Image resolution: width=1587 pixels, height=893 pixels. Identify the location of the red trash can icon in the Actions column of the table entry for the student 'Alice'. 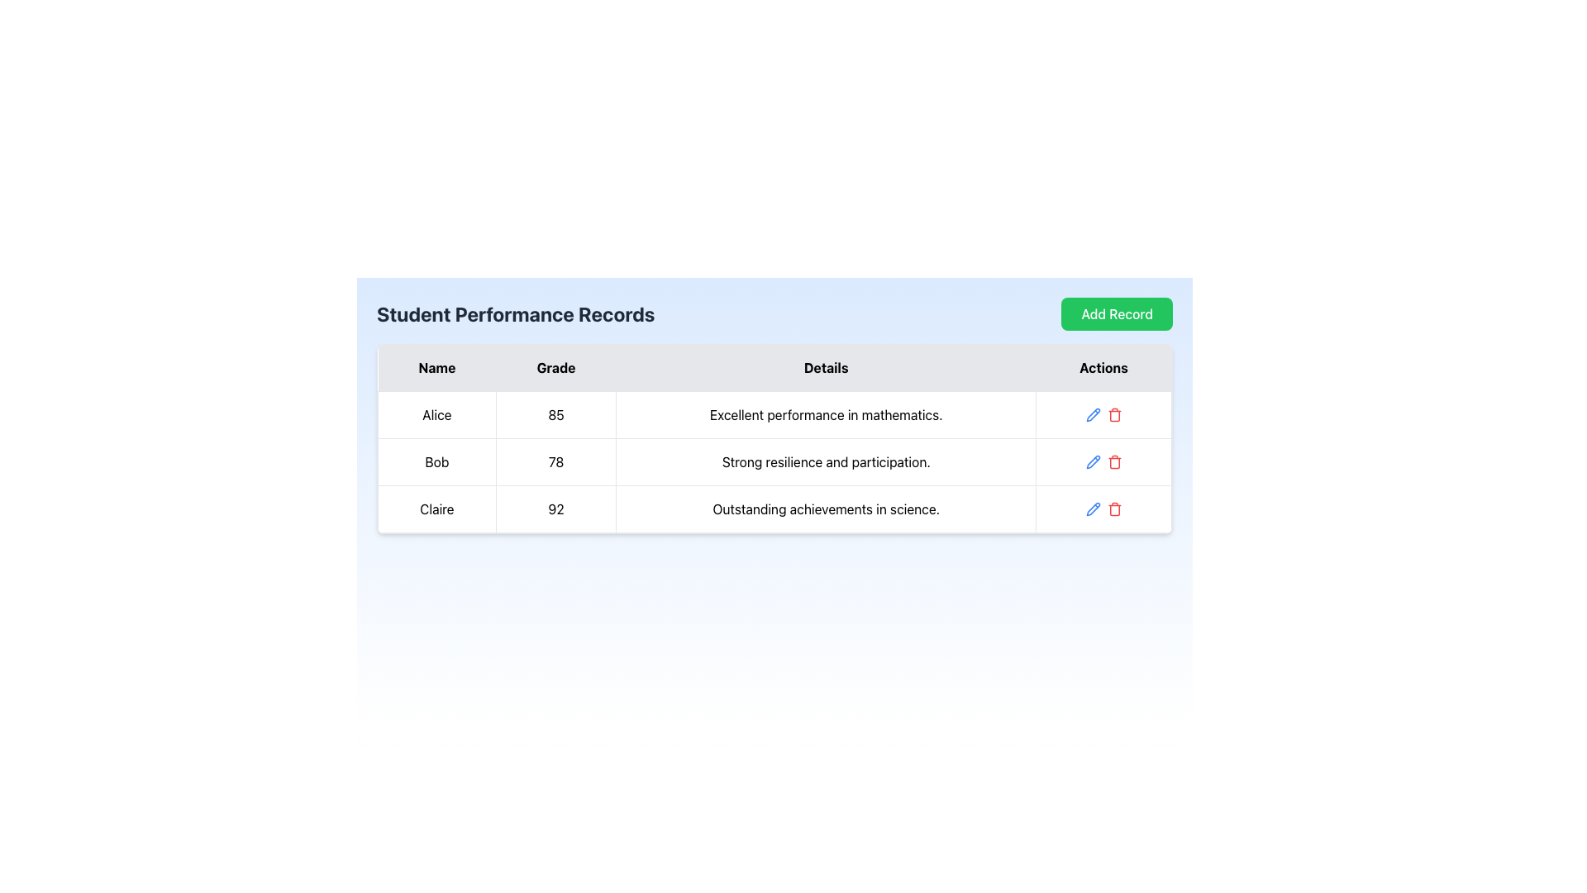
(1114, 413).